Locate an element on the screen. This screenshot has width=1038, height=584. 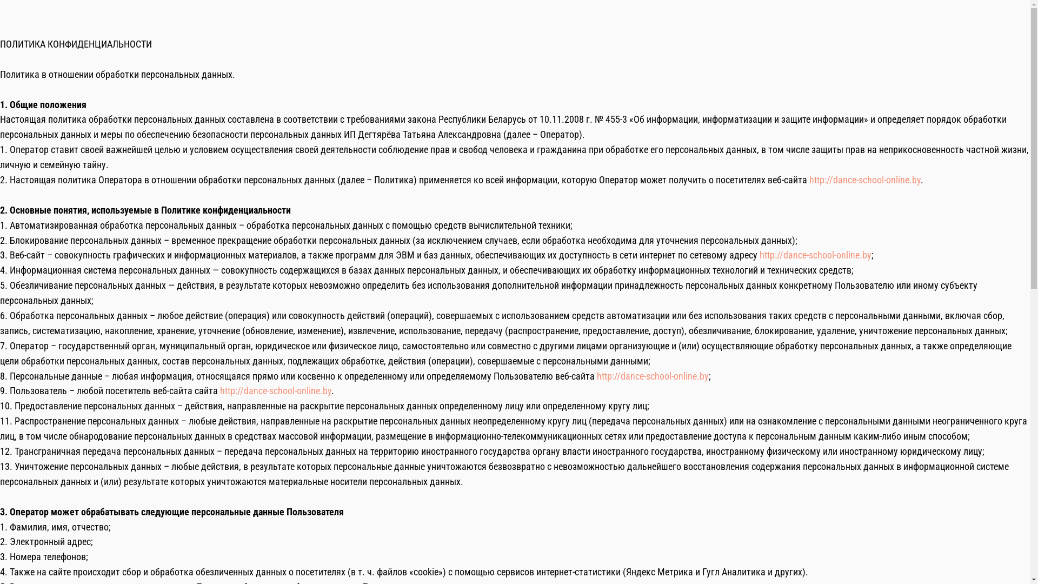
'http://dance-school-online.by' is located at coordinates (759, 255).